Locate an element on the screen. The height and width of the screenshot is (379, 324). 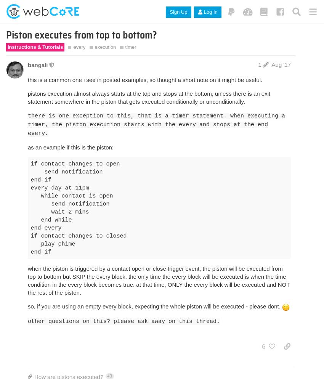
'when the piston is triggered by a contact open or close' is located at coordinates (97, 268).